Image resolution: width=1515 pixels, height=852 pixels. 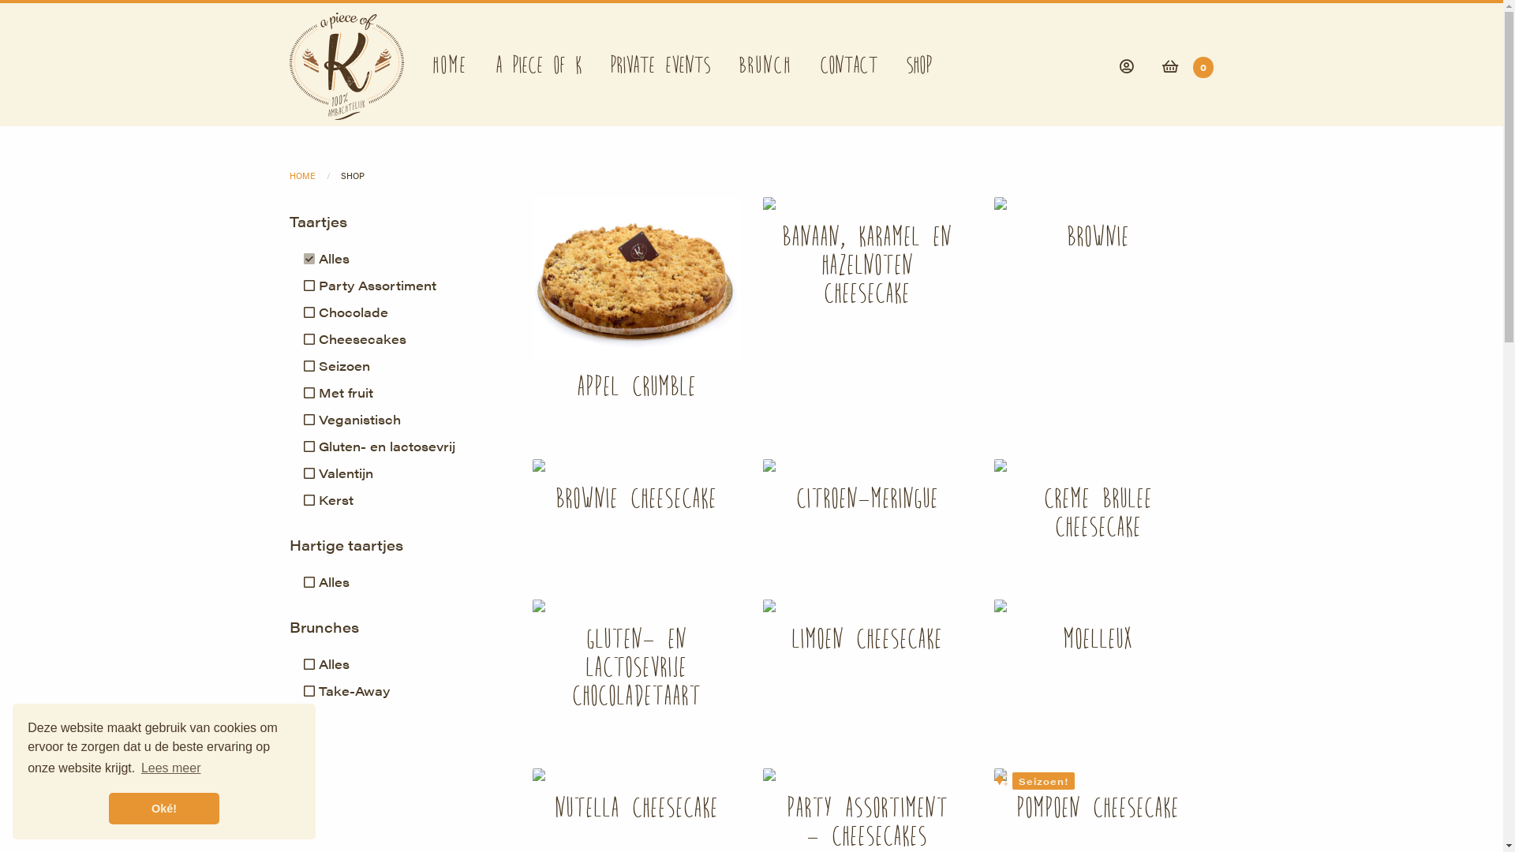 I want to click on 'Brownie Cheesecake', so click(x=533, y=492).